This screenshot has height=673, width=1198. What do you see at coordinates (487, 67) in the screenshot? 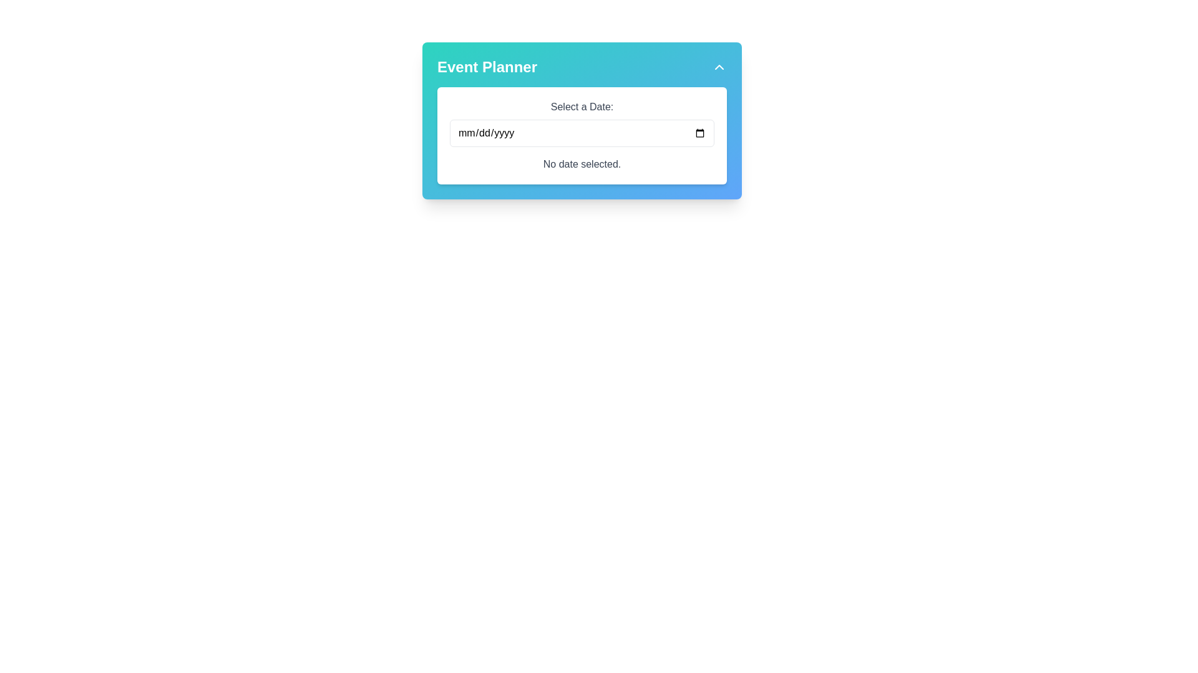
I see `the bold text label element displaying 'Event Planner', which is styled with a large font size and white text color, located in the upper section of the interface against a blue gradient background` at bounding box center [487, 67].